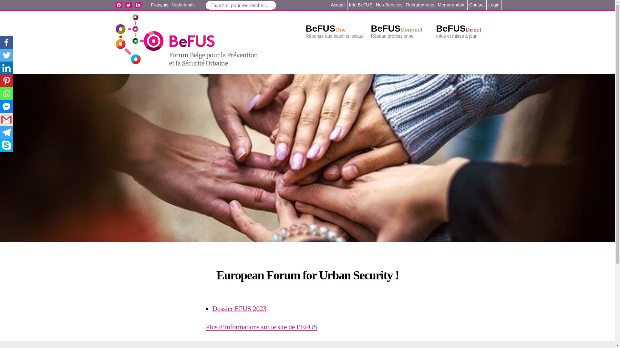  Describe the element at coordinates (420, 5) in the screenshot. I see `'Recrutements'` at that location.